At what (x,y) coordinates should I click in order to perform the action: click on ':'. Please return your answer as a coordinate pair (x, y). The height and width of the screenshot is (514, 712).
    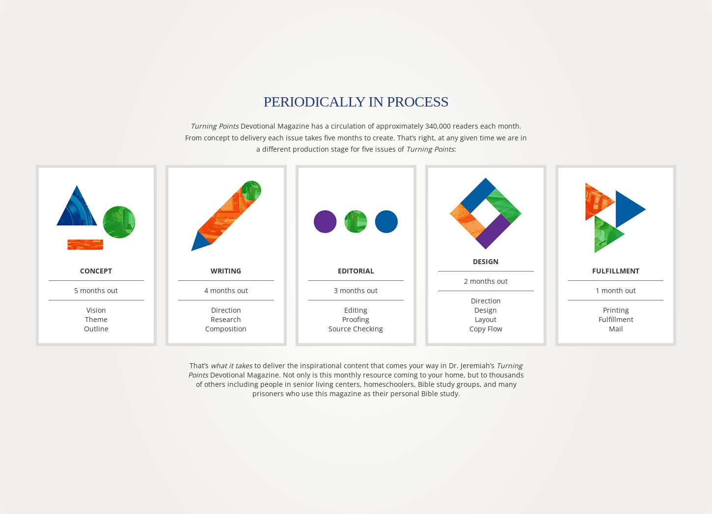
    Looking at the image, I should click on (454, 148).